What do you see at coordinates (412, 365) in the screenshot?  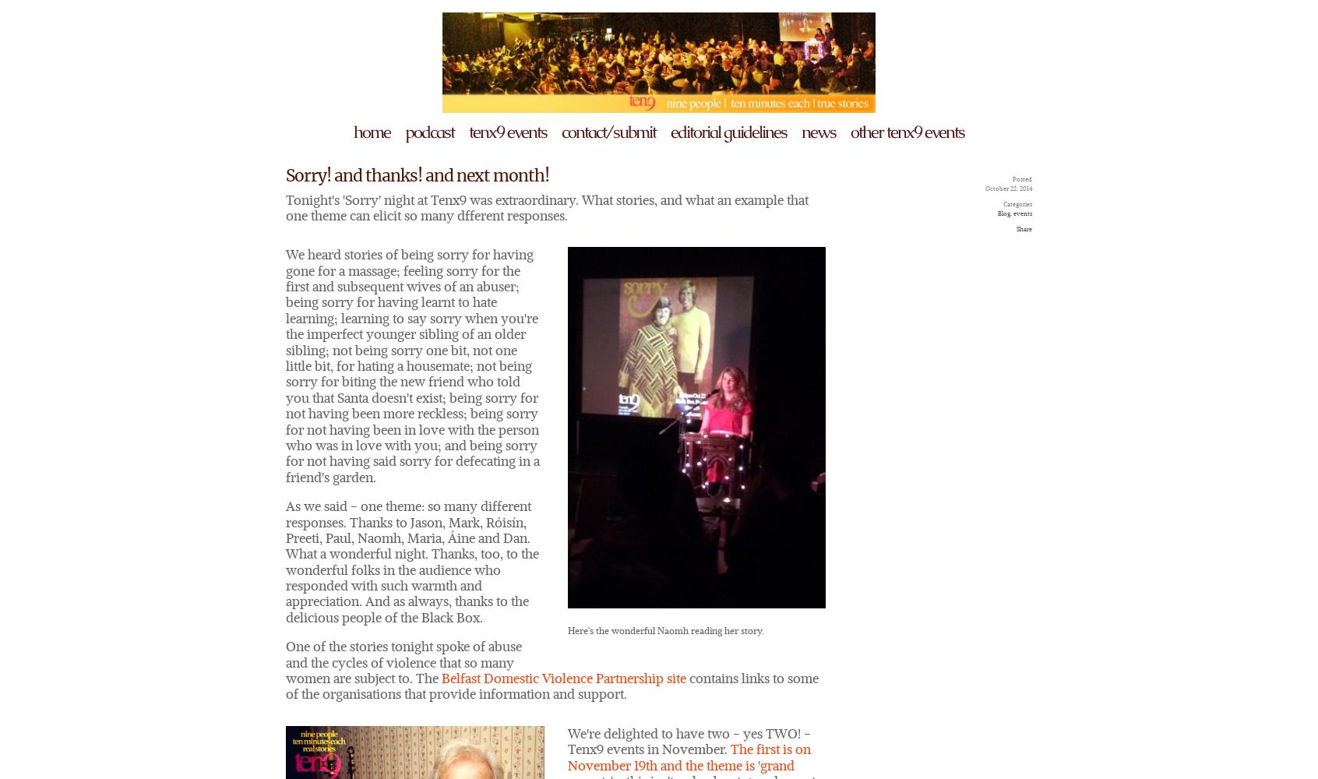 I see `'We heard stories of being sorry for having gone for a massage; feeling sorry for the first and subsequent wives of an abuser; being sorry for having learnt to hate learning; learning to say sorry when you're the imperfect younger sibling of an older sibling; not being sorry one bit, not one little bit, for hating a housemate; not being sorry for biting the new friend who told you that Santa doesn't exist; being sorry for not having been more reckless; being sorry for not having been in love with the person who was in love with you; and being sorry for not having said sorry for defecating in a friend's garden.'` at bounding box center [412, 365].